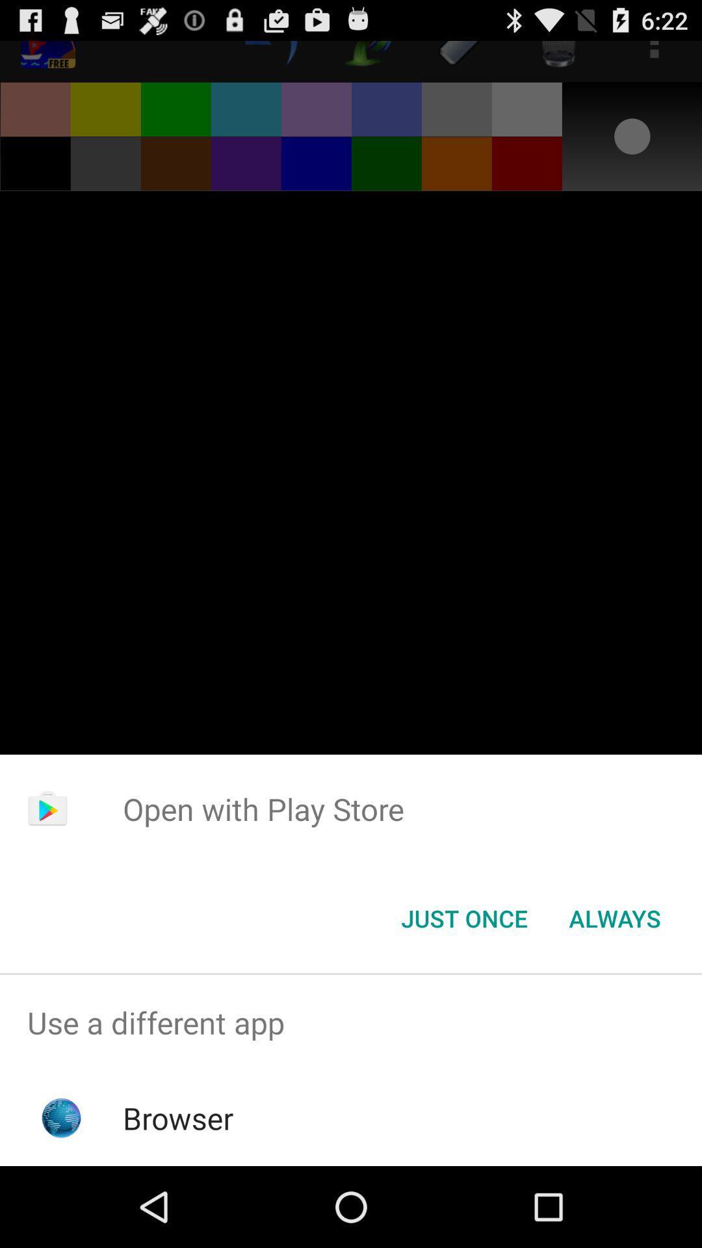 The width and height of the screenshot is (702, 1248). I want to click on icon next to just once item, so click(614, 917).